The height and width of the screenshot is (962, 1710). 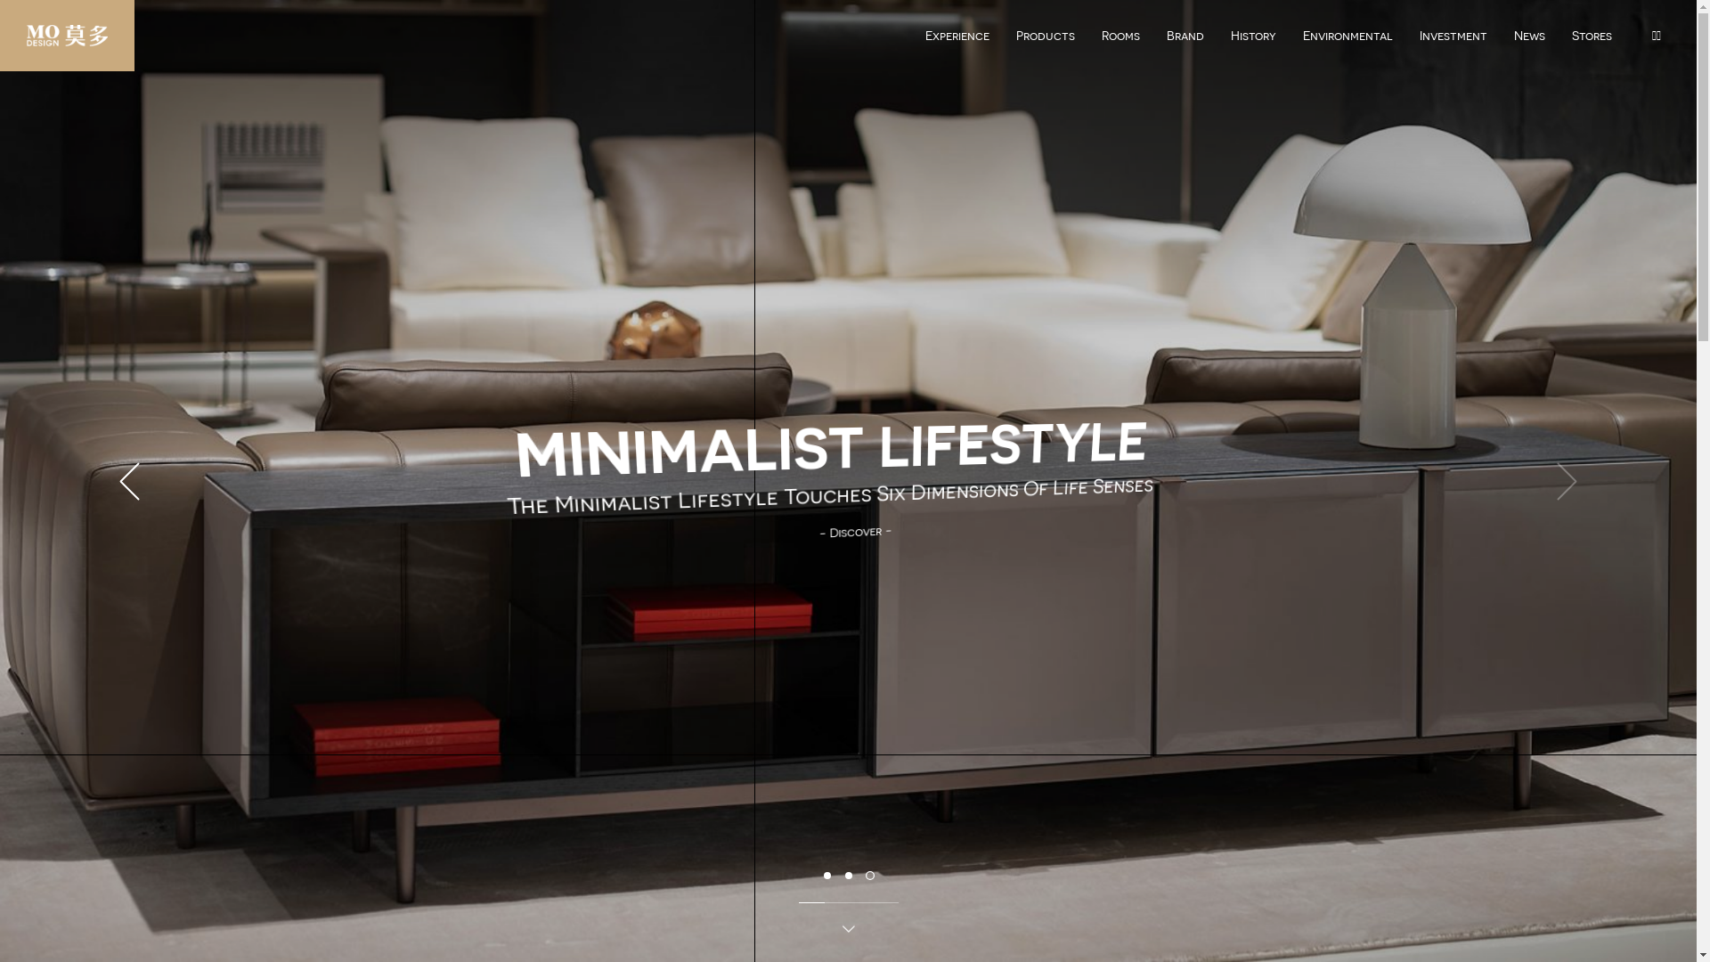 What do you see at coordinates (1592, 29) in the screenshot?
I see `'Stores'` at bounding box center [1592, 29].